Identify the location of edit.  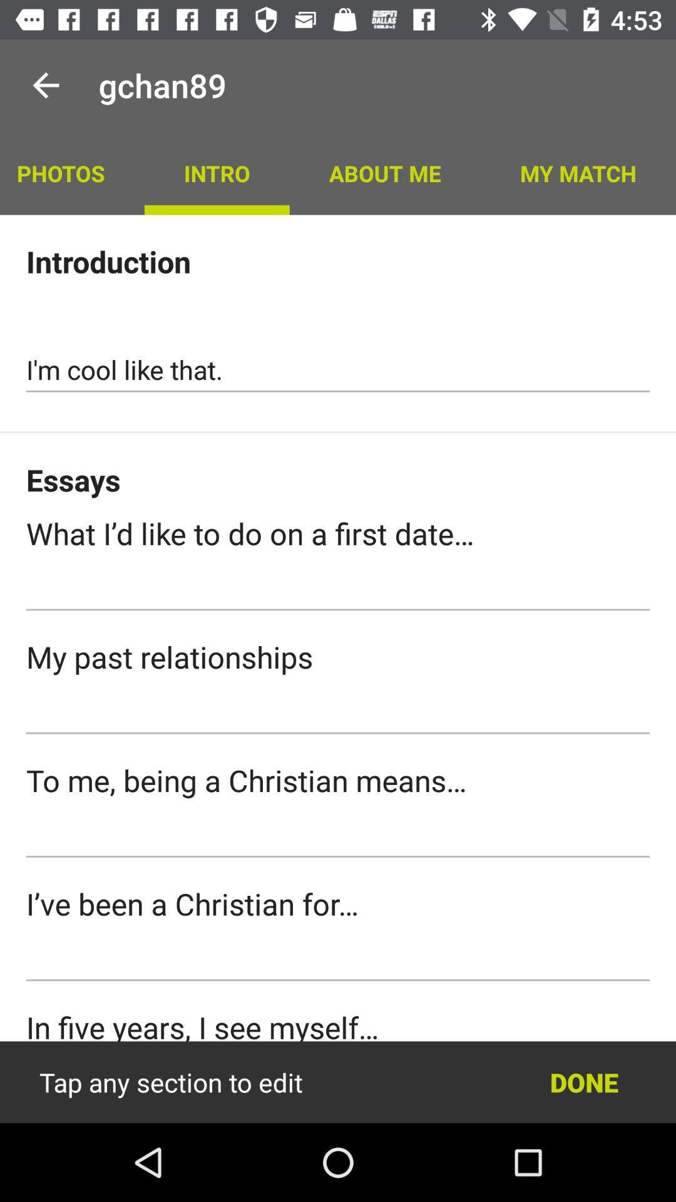
(338, 1082).